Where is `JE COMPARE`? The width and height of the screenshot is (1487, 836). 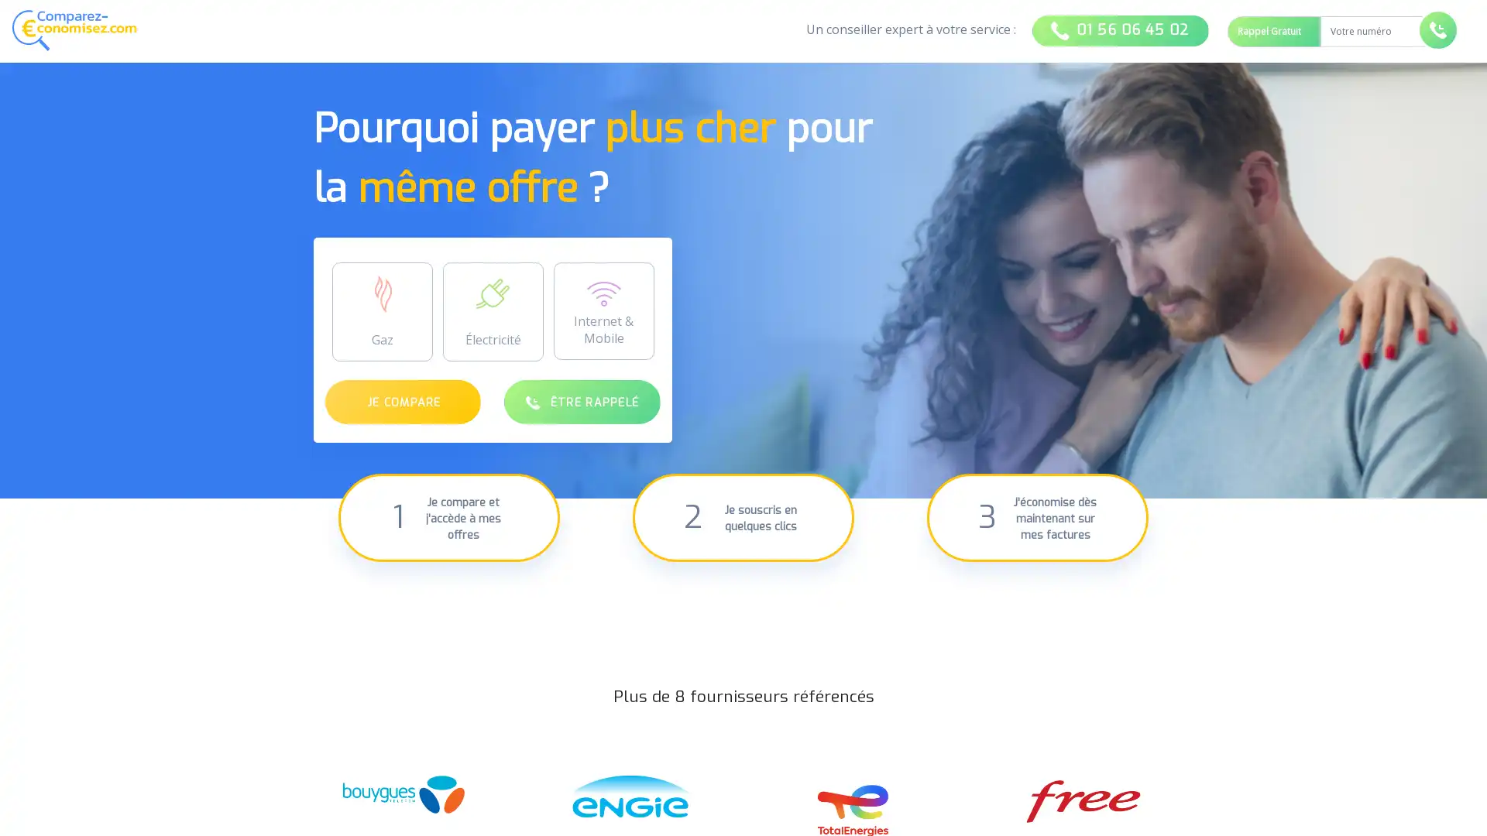 JE COMPARE is located at coordinates (403, 401).